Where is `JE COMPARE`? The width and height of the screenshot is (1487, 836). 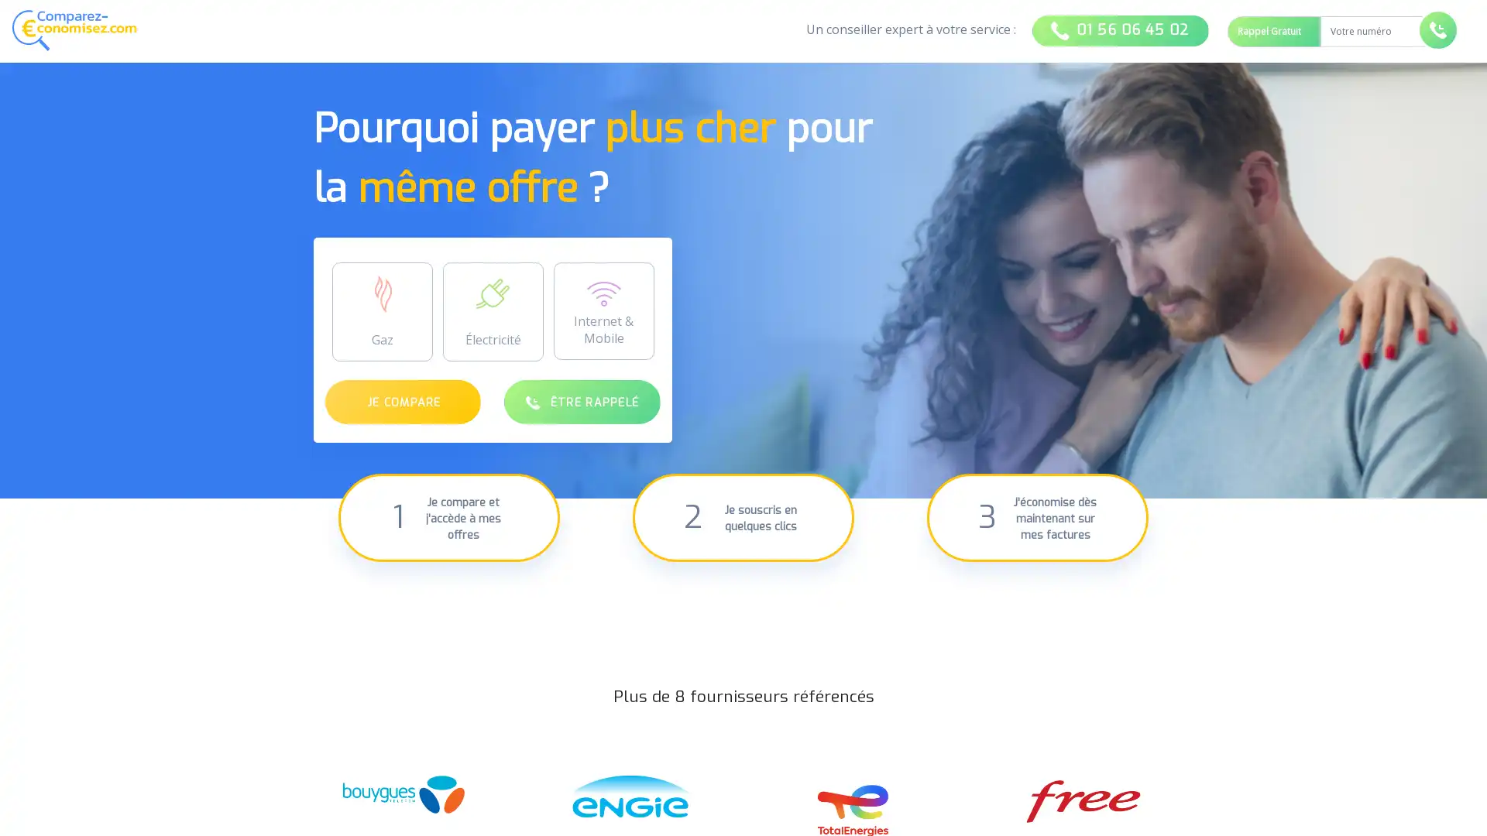 JE COMPARE is located at coordinates (403, 401).